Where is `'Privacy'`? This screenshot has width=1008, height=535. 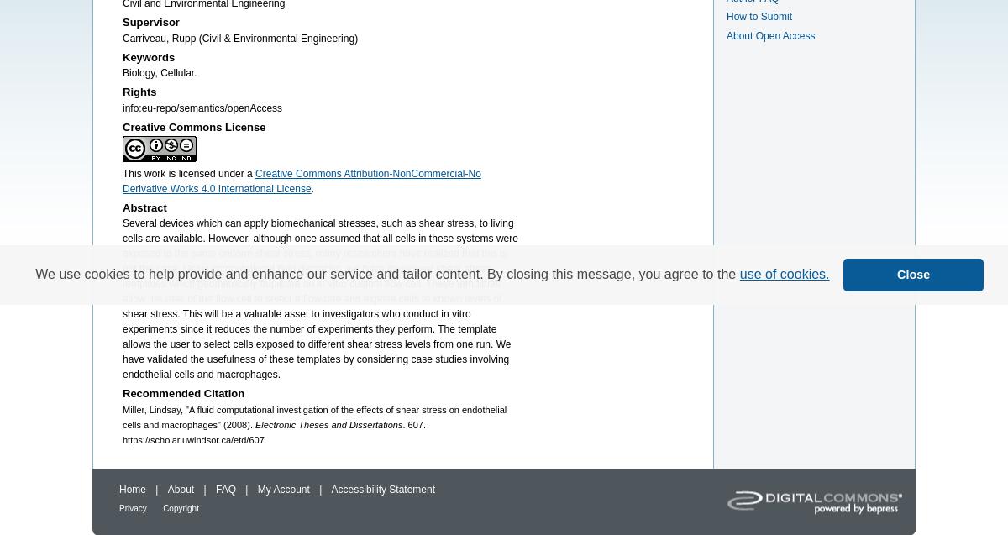 'Privacy' is located at coordinates (132, 507).